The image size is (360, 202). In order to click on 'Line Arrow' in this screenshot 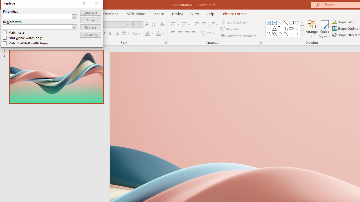, I will do `click(286, 22)`.